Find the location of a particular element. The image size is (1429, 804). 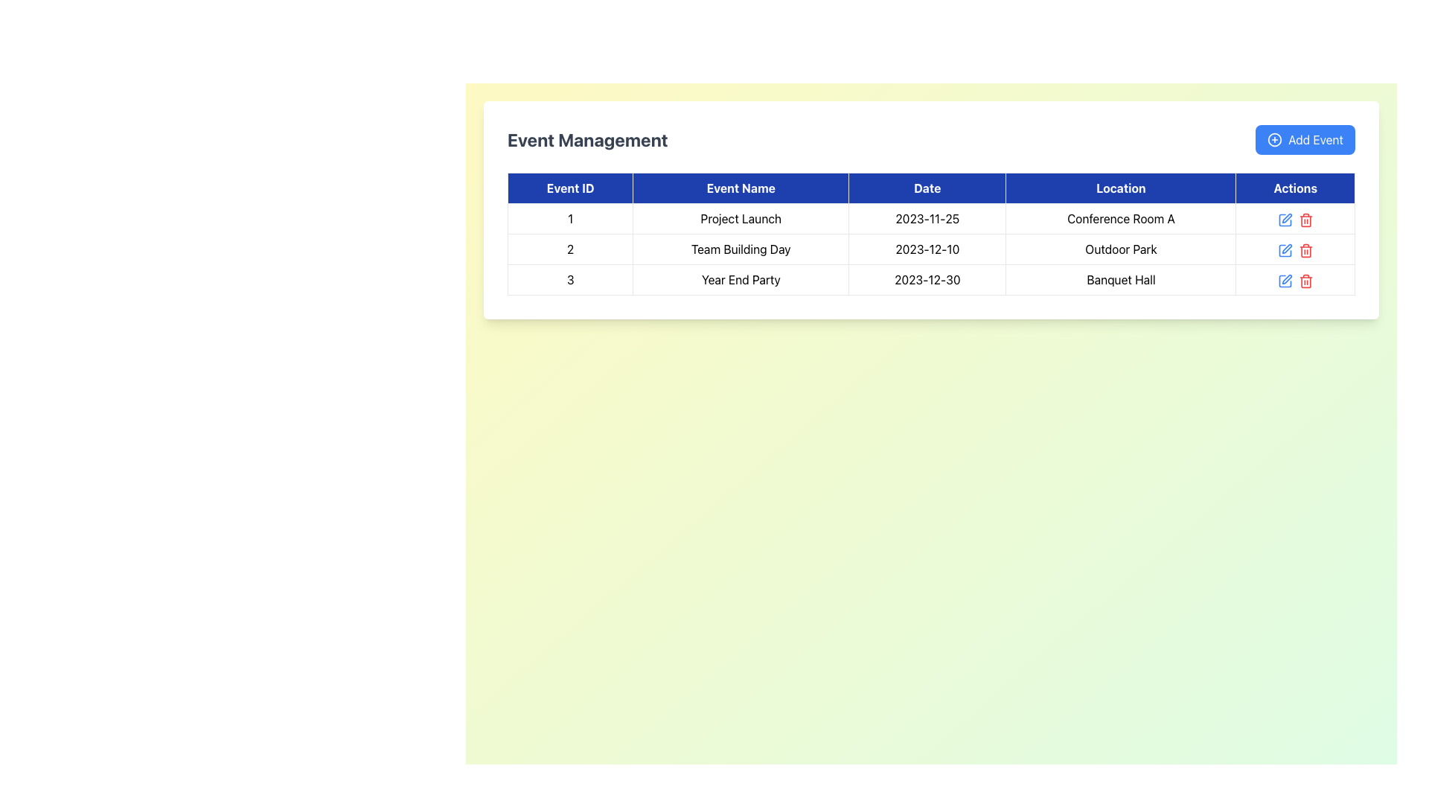

the delete icon button located in the 'Actions' column of the 'Year End Party' event entry to invoke the delete function is located at coordinates (1305, 220).